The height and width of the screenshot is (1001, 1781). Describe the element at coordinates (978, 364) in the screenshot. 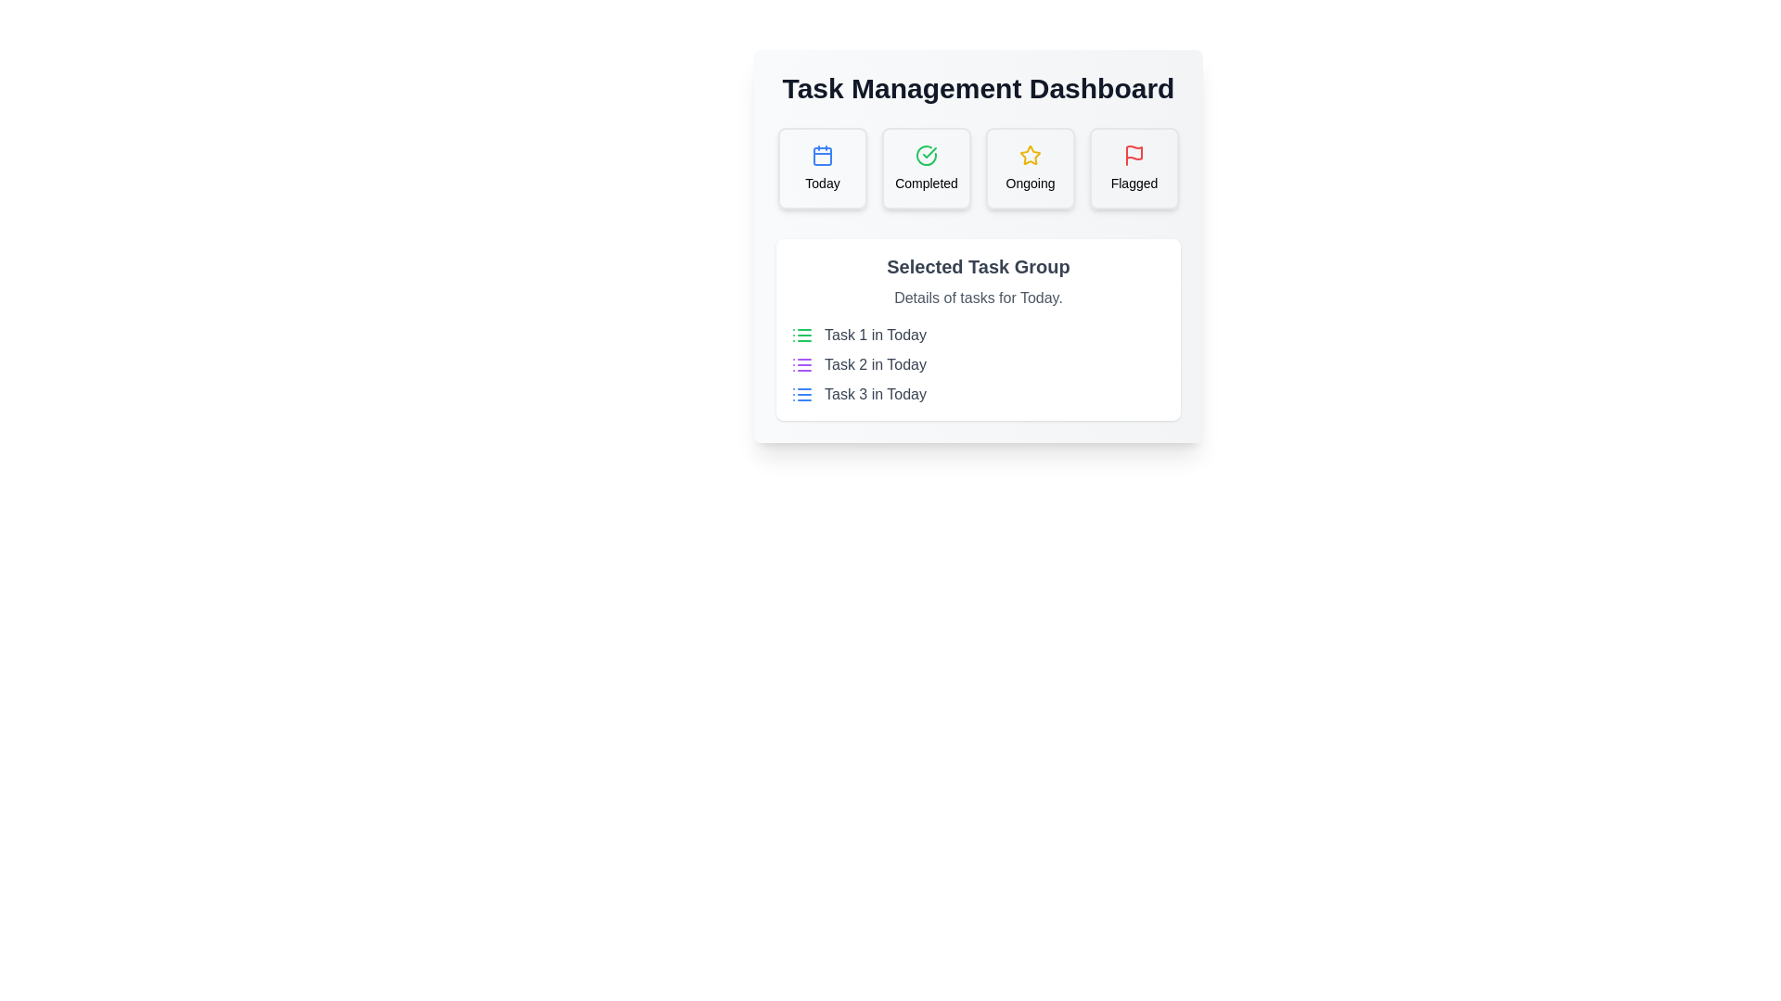

I see `the second task entry in the list, which is located directly below 'Task 1 in Today' and above 'Task 3 in Today' in the 'Selected Task Group'` at that location.